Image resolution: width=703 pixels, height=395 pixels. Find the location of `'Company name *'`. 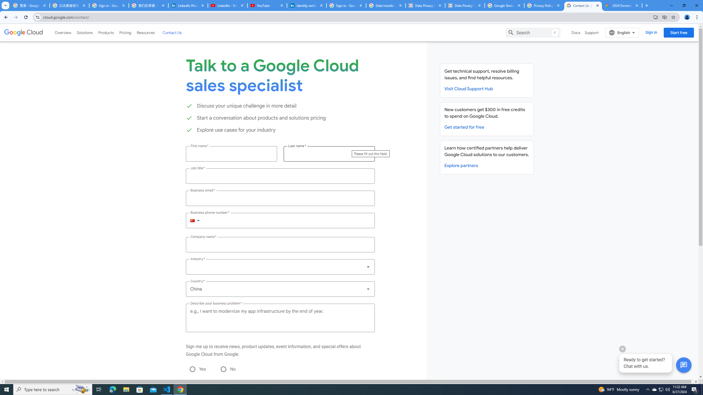

'Company name *' is located at coordinates (280, 245).